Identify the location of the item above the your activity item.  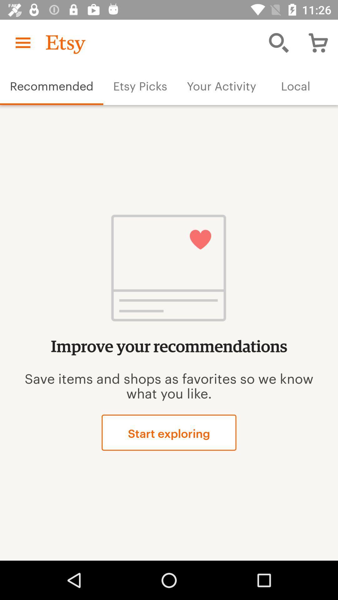
(279, 42).